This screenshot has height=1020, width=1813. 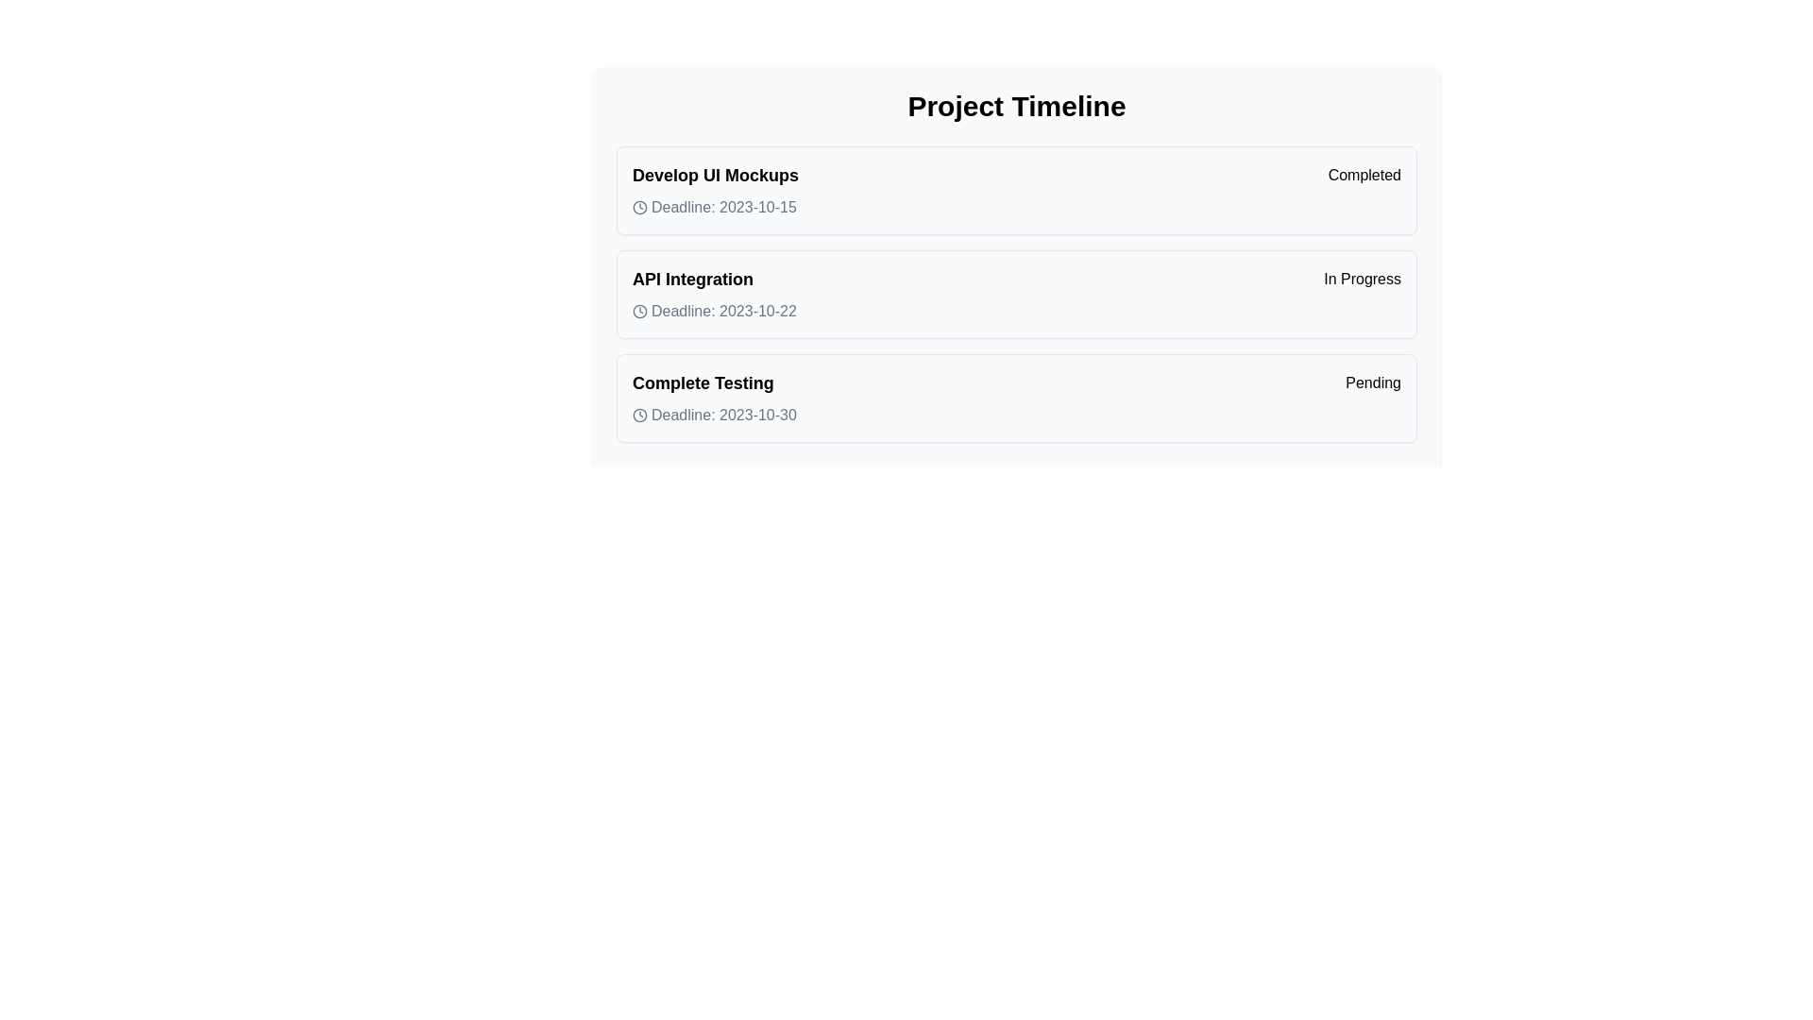 What do you see at coordinates (1373, 382) in the screenshot?
I see `text of the badge labeled 'Pending' located at the end of the 'Complete Testing' row` at bounding box center [1373, 382].